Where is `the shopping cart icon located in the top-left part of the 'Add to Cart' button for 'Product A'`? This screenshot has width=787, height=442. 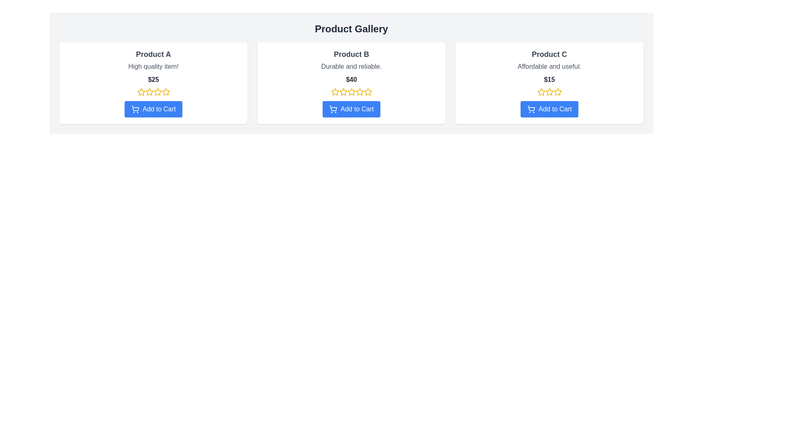
the shopping cart icon located in the top-left part of the 'Add to Cart' button for 'Product A' is located at coordinates (135, 108).